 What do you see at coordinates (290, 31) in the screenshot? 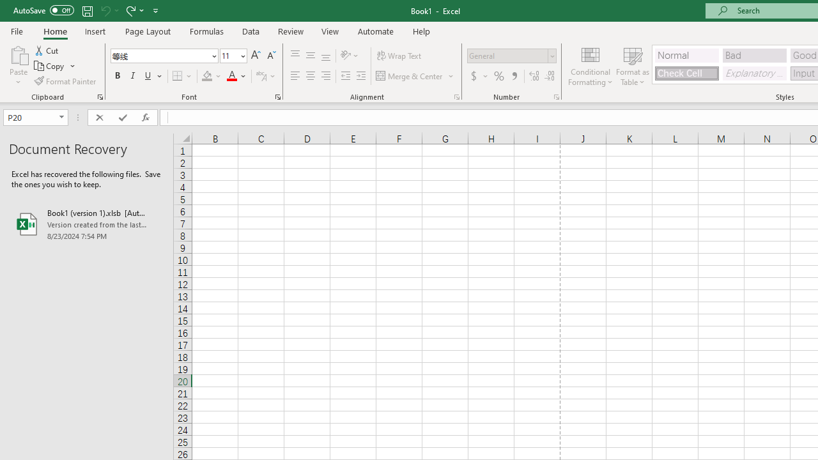
I see `'Review'` at bounding box center [290, 31].